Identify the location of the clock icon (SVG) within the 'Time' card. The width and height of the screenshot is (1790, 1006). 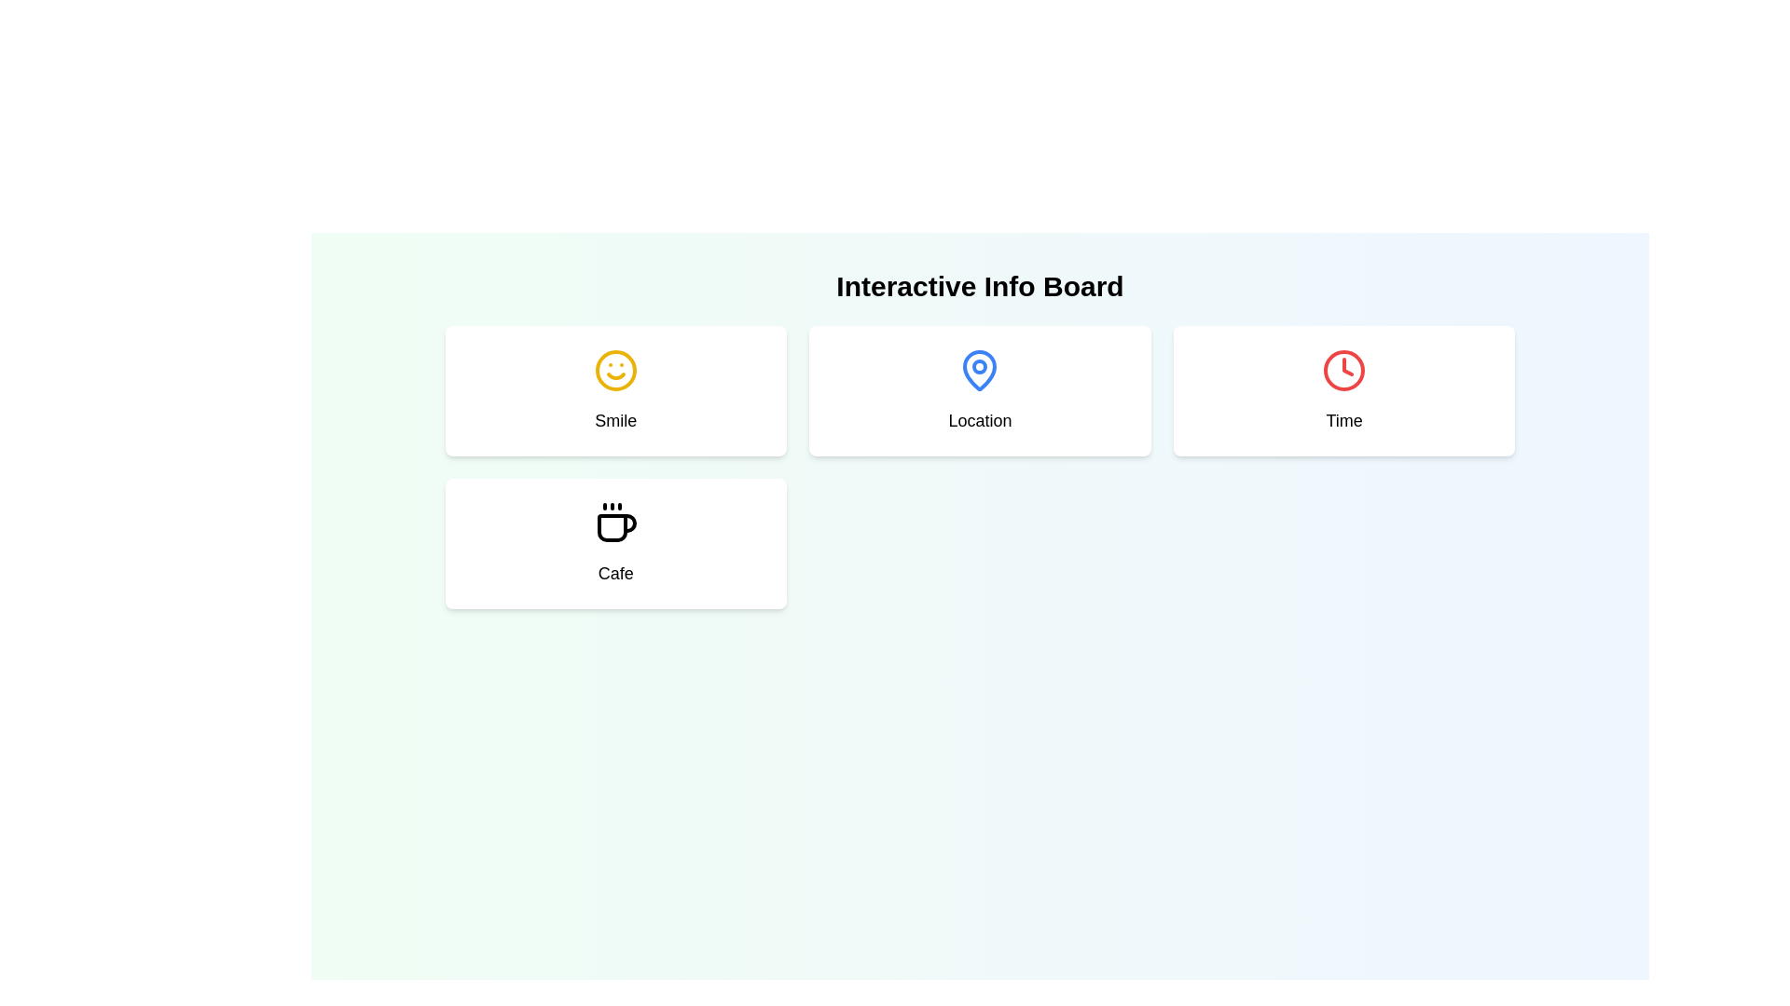
(1344, 370).